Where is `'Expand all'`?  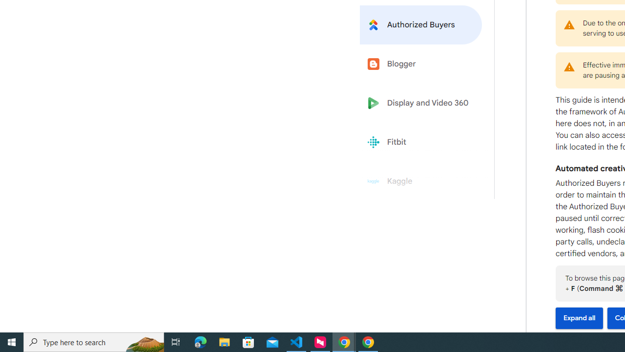 'Expand all' is located at coordinates (579, 318).